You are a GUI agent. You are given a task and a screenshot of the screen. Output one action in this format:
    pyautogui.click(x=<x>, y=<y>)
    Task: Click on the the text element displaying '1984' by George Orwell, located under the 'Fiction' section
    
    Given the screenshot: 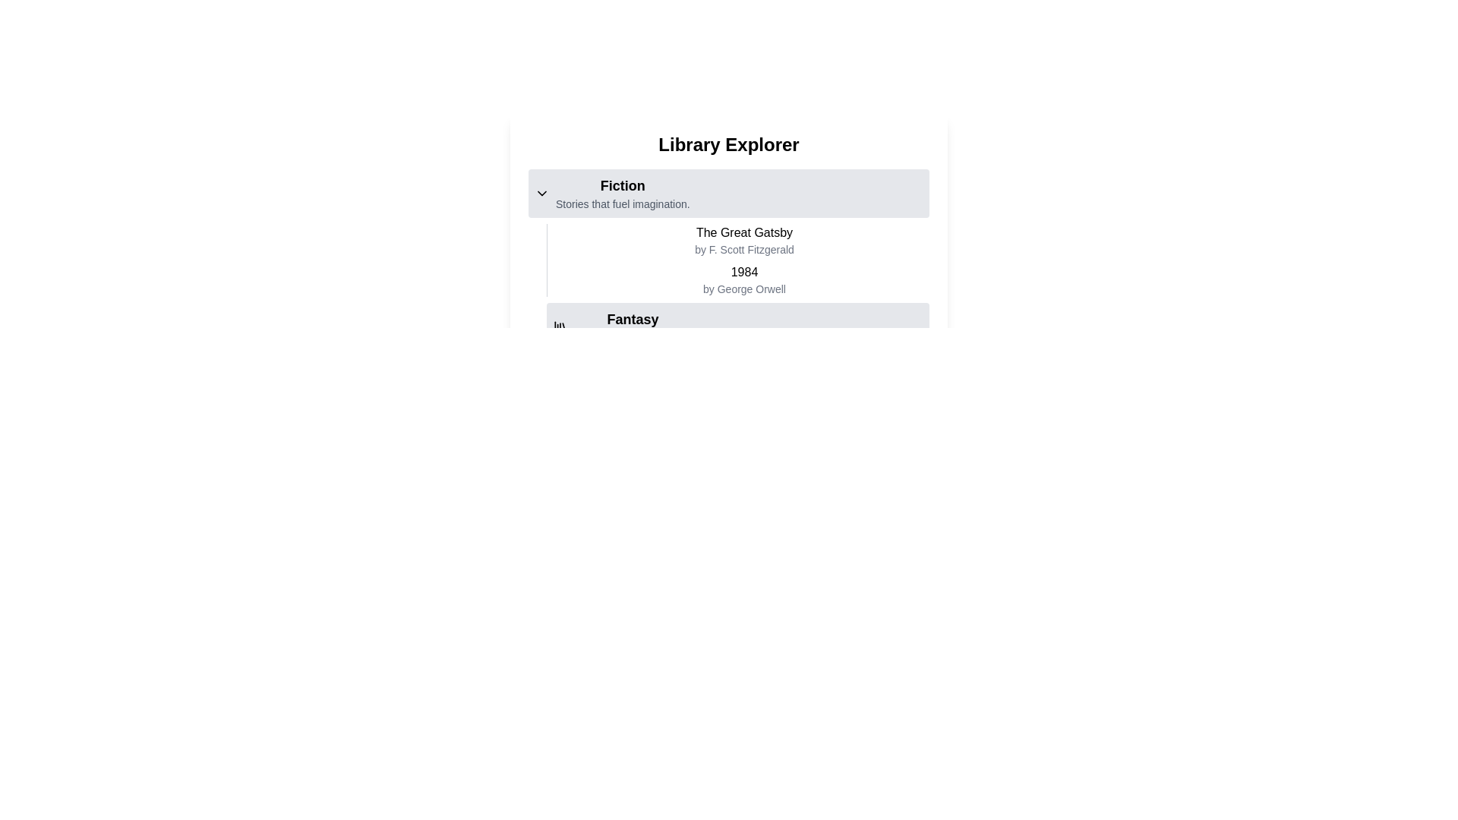 What is the action you would take?
    pyautogui.click(x=744, y=280)
    